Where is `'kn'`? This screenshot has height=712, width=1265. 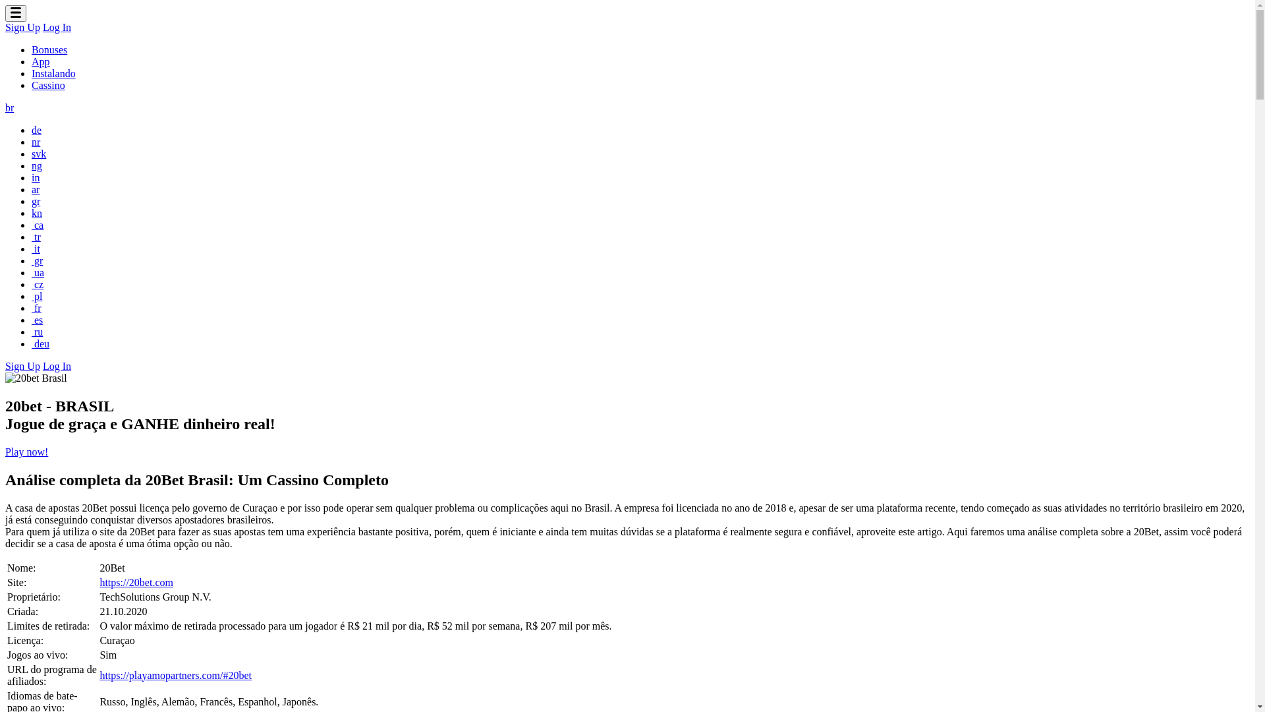 'kn' is located at coordinates (37, 212).